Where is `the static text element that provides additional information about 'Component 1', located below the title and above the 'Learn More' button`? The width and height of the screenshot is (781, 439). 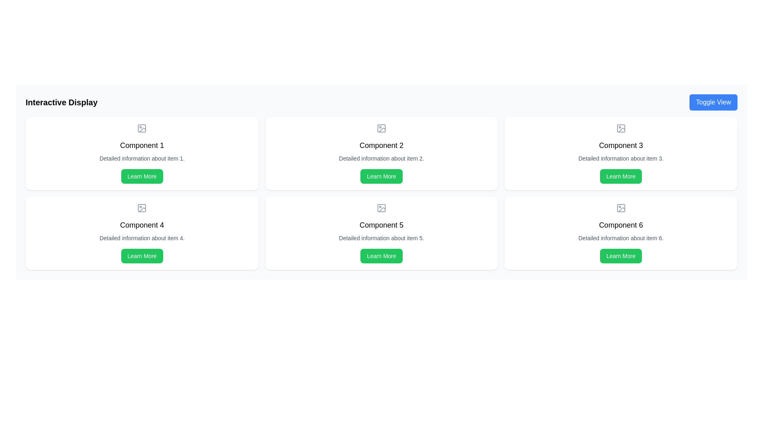 the static text element that provides additional information about 'Component 1', located below the title and above the 'Learn More' button is located at coordinates (142, 158).